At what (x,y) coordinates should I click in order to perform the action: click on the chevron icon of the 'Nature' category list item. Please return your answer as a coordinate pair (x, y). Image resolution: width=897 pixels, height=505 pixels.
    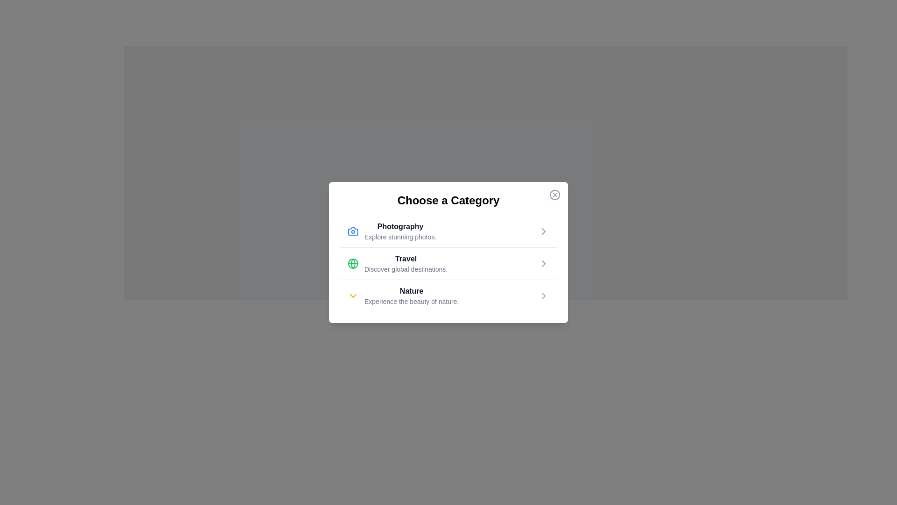
    Looking at the image, I should click on (403, 296).